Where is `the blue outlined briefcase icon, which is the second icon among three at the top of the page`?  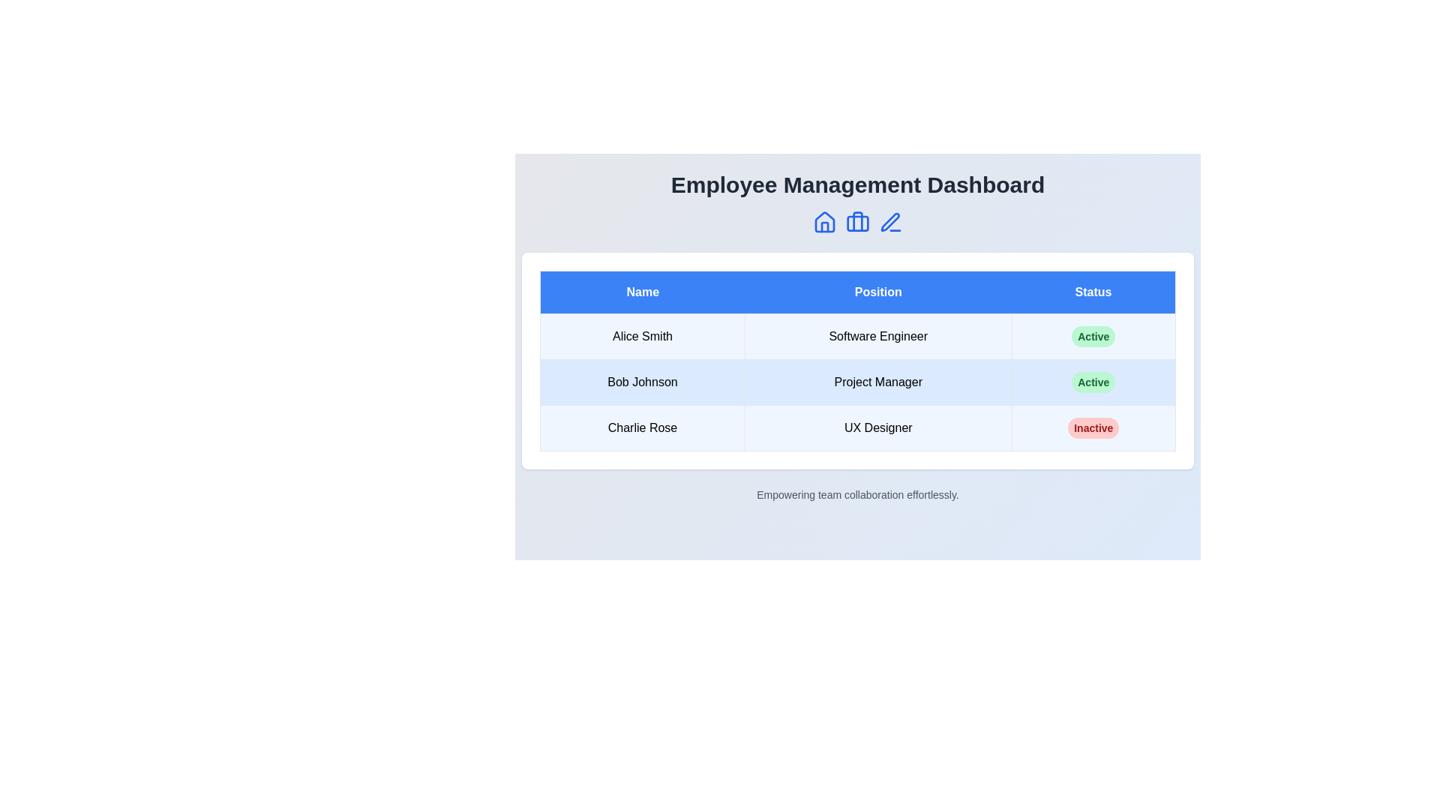 the blue outlined briefcase icon, which is the second icon among three at the top of the page is located at coordinates (857, 223).